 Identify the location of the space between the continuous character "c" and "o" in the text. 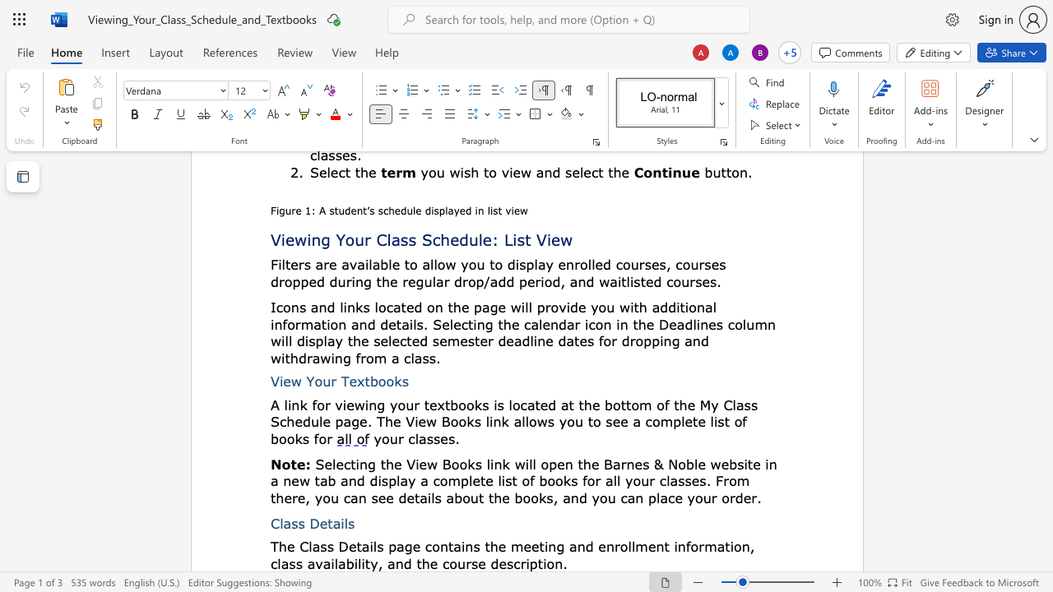
(449, 562).